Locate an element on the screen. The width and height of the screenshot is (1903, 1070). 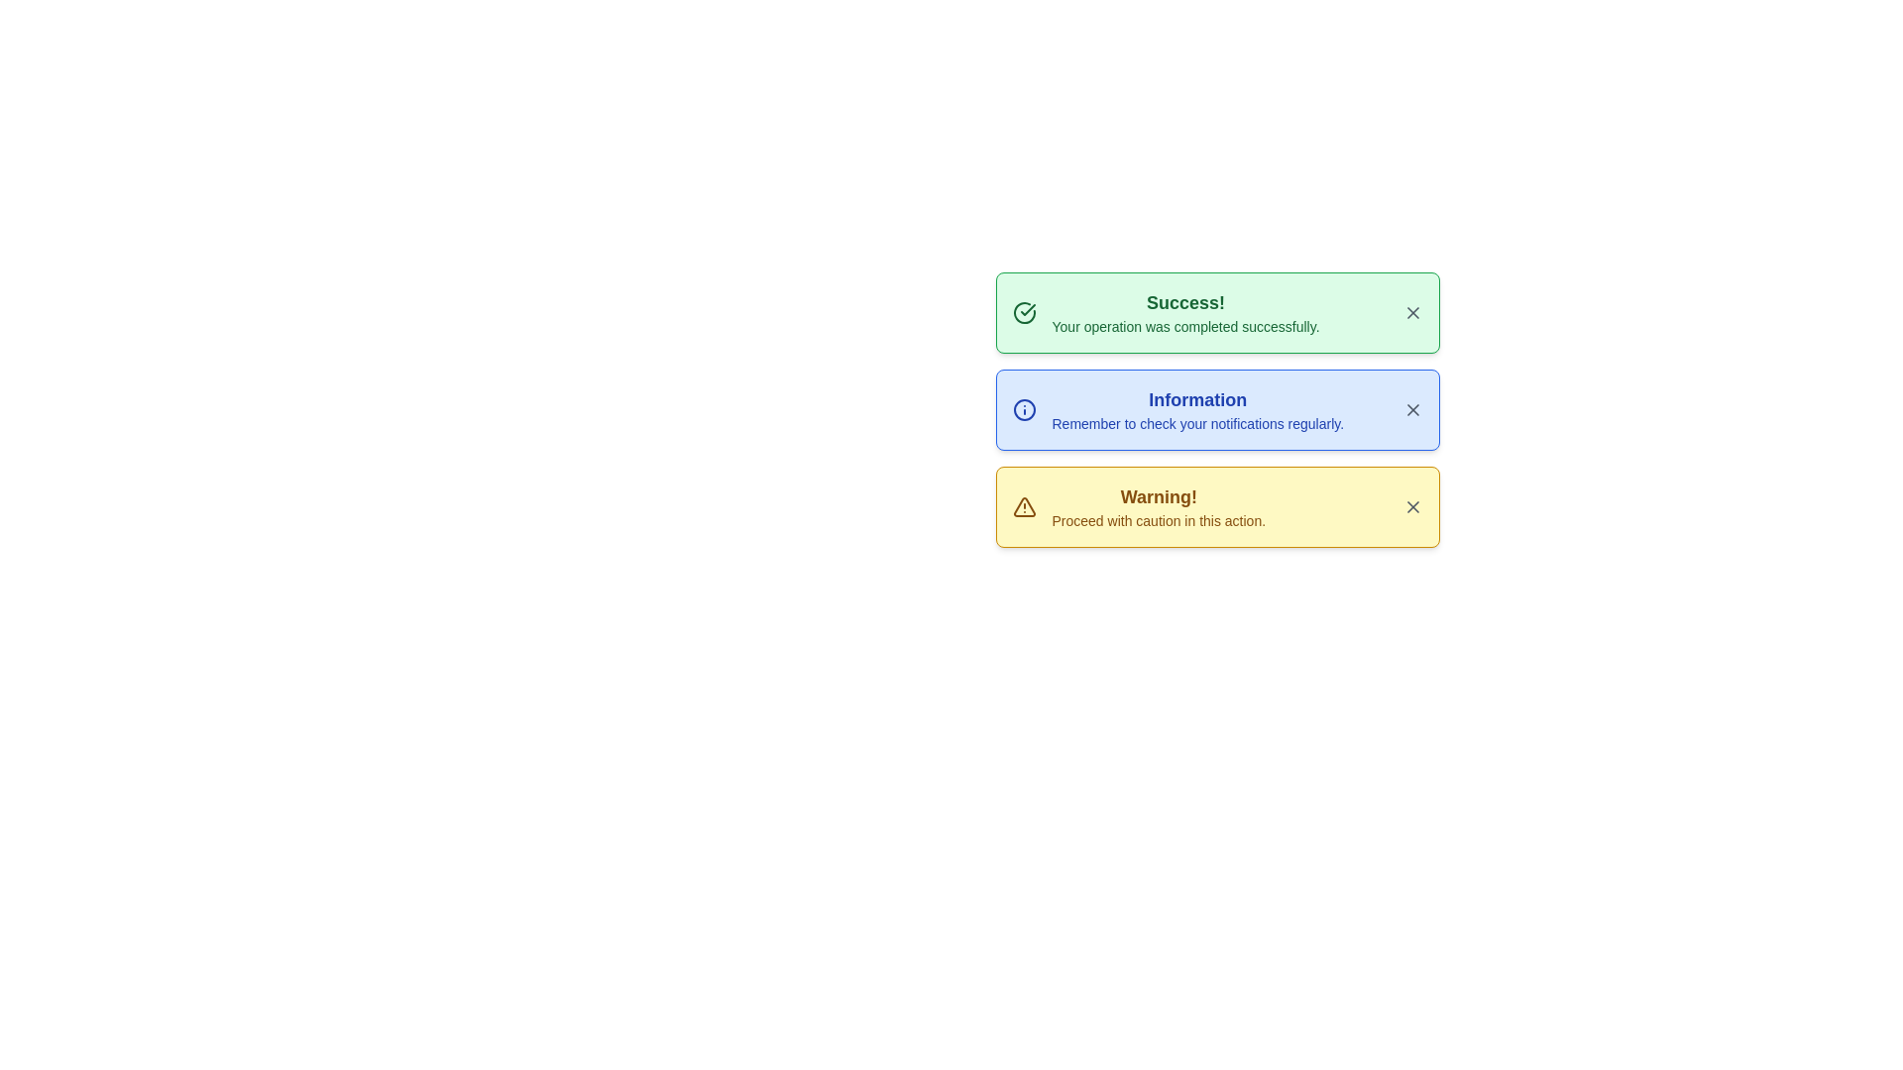
the small, circular dismiss button represented by a gray 'x' icon located adjacent to the 'Success!' text is located at coordinates (1411, 312).